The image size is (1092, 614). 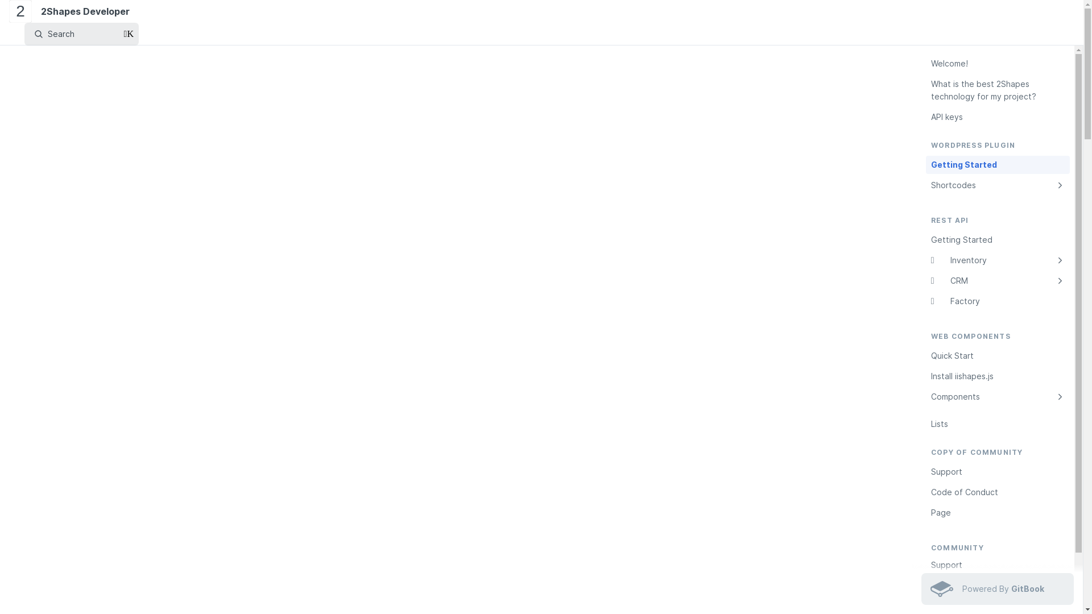 What do you see at coordinates (996, 588) in the screenshot?
I see `'Powered By GitBook'` at bounding box center [996, 588].